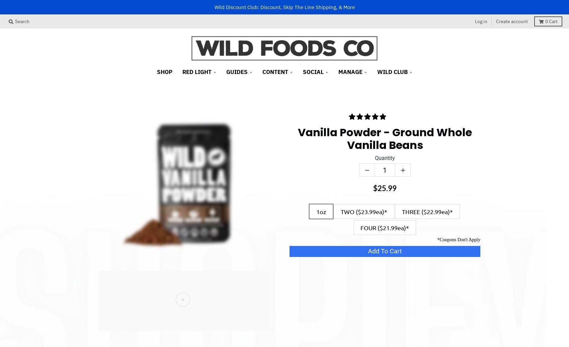 This screenshot has width=569, height=347. What do you see at coordinates (22, 20) in the screenshot?
I see `'Search'` at bounding box center [22, 20].